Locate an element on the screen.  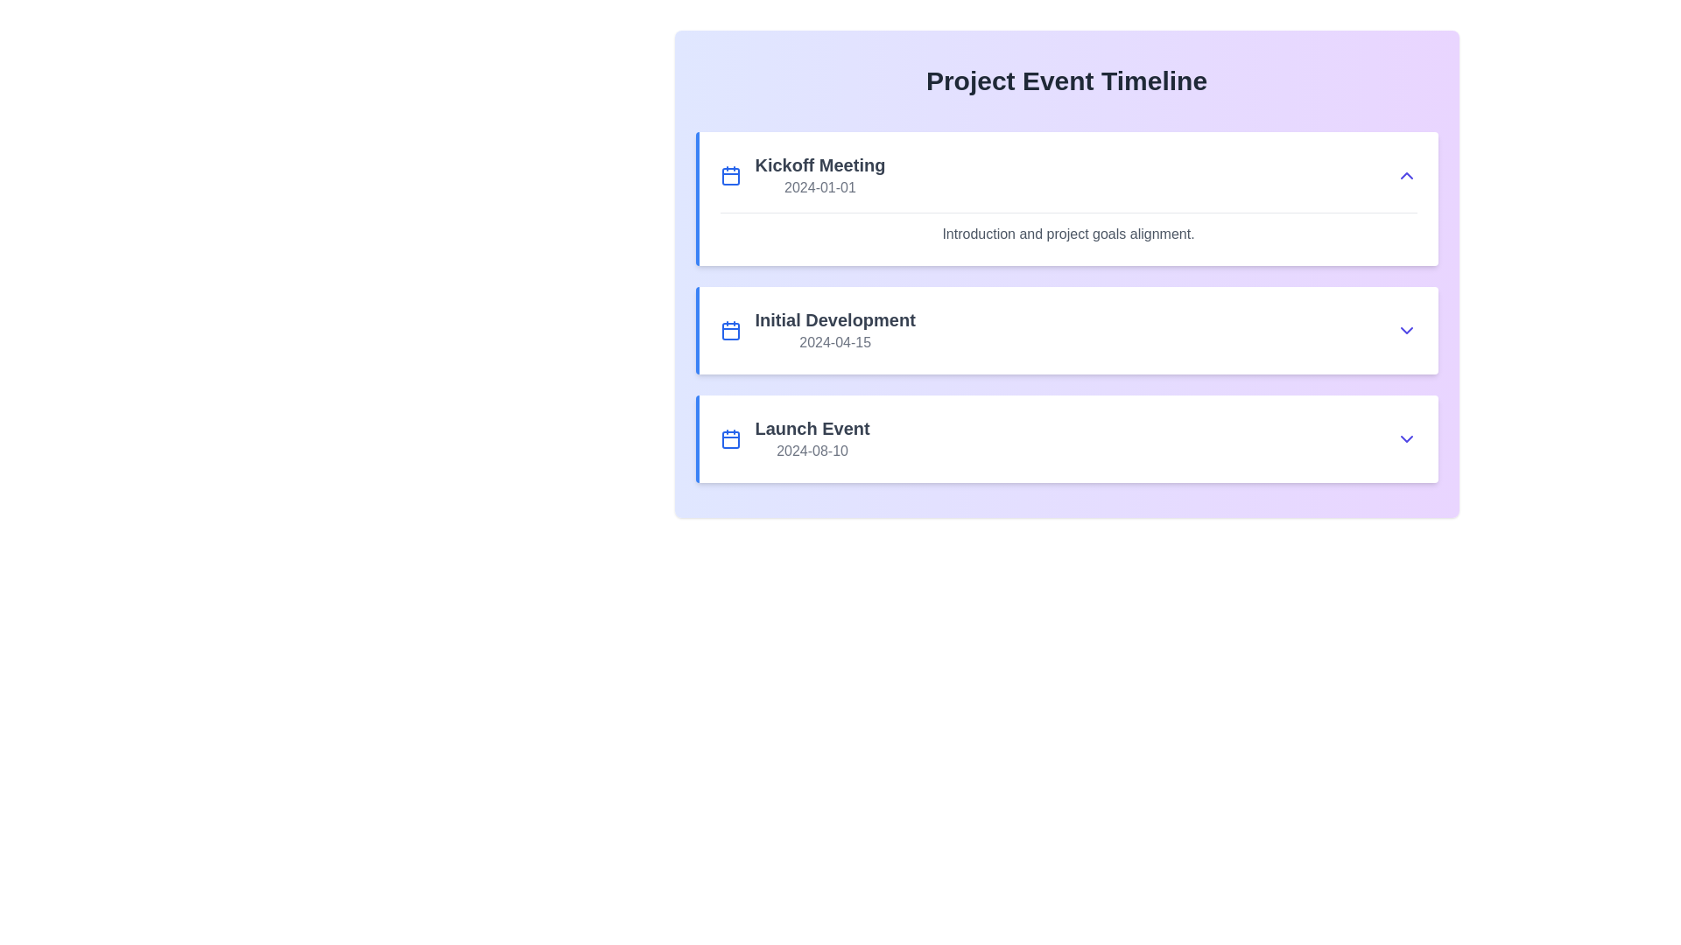
the text displaying the date for the 'Initial Development' event located below the 'Initial Development' label in the event card is located at coordinates (834, 343).